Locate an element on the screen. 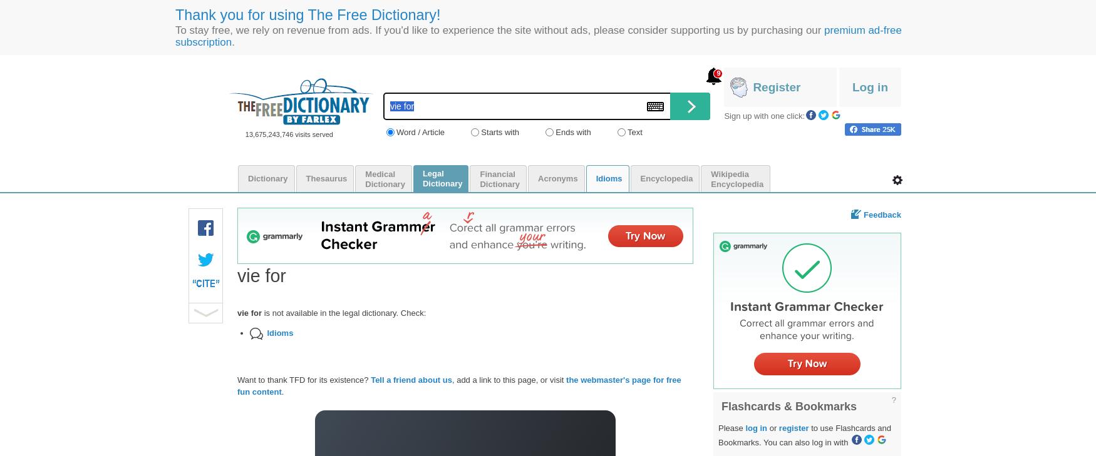  'Feedback' is located at coordinates (881, 213).